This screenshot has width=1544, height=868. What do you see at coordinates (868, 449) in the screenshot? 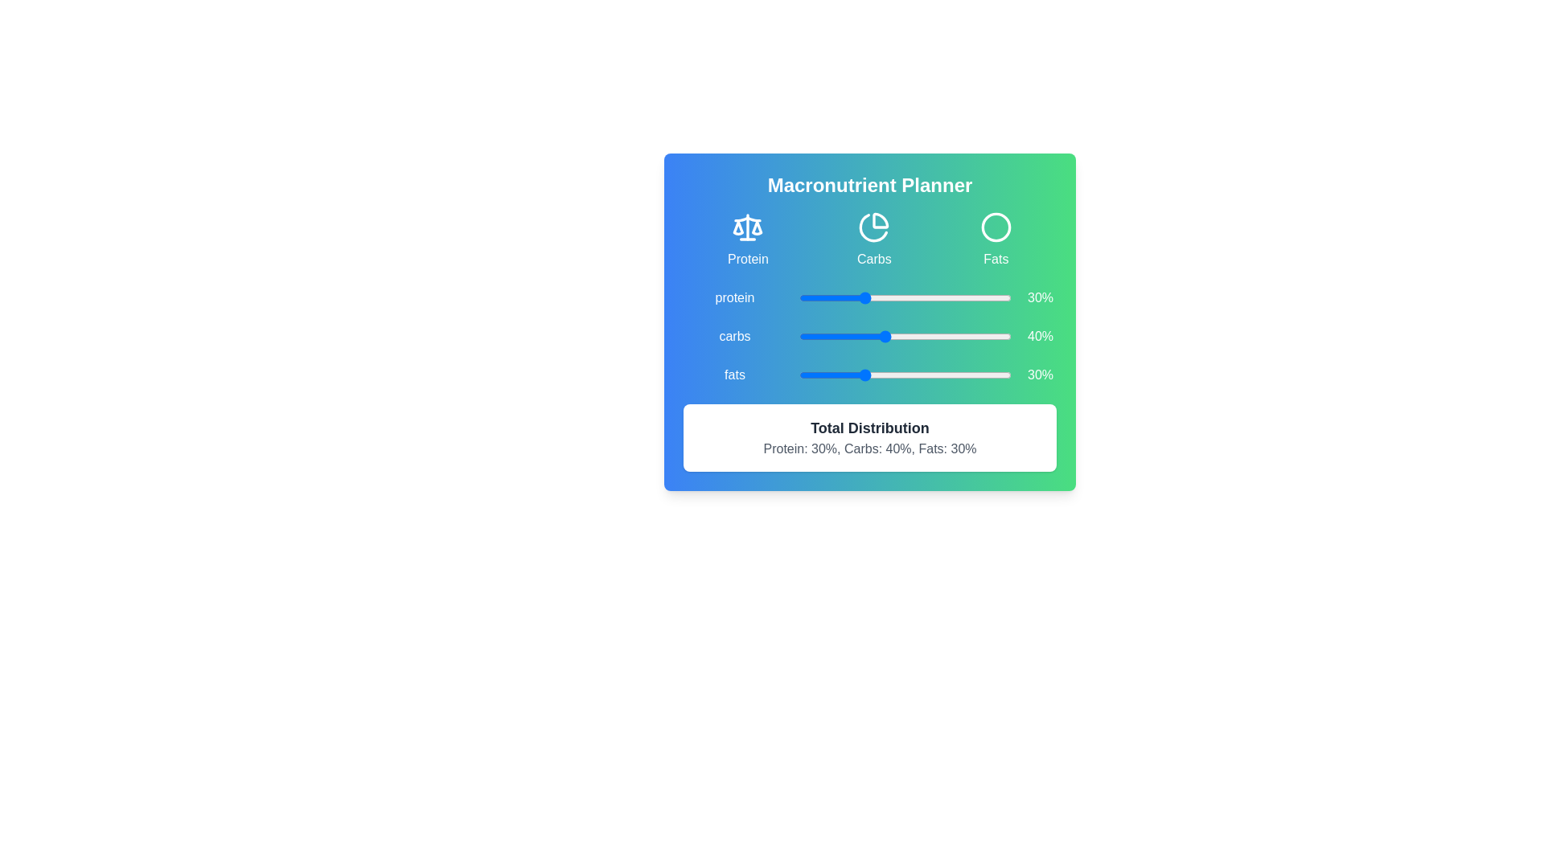
I see `the text label displaying nutritional data, which shows 'Protein: 30%, Carbs: 40%, Fats: 30%' in light gray font below the 'Total Distribution' title` at bounding box center [868, 449].